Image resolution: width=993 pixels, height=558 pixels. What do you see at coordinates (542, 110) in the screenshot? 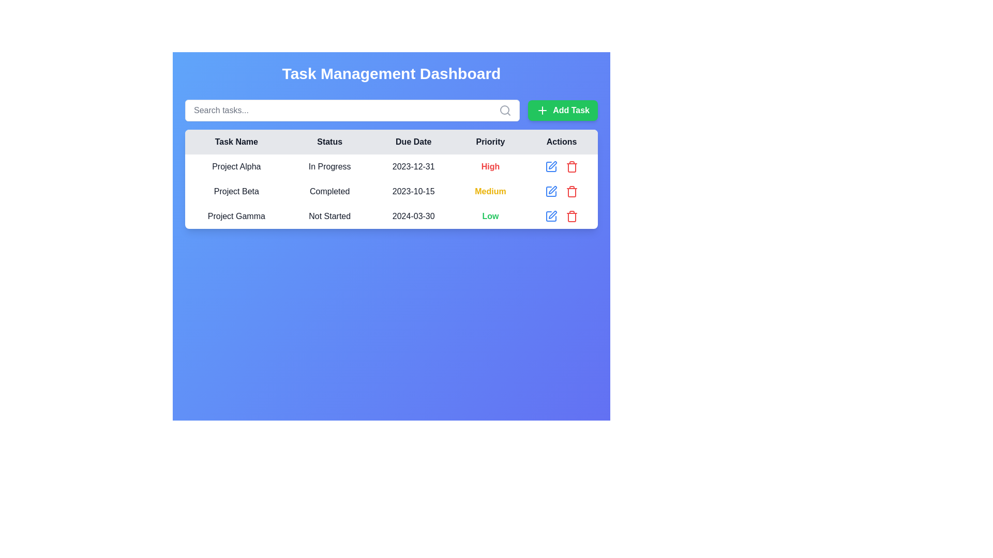
I see `the plus icon, which is located in the green segment of the 'Add Task' button` at bounding box center [542, 110].